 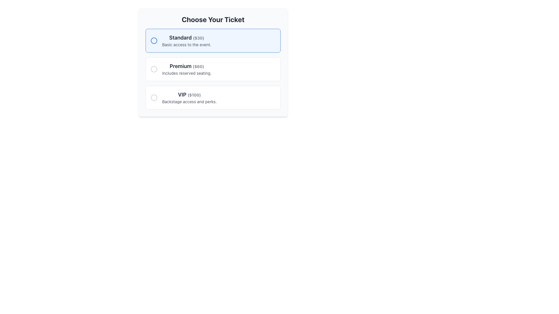 What do you see at coordinates (187, 44) in the screenshot?
I see `the static text label reading 'Basic access to the event.' which is located directly below the 'Standard ($30)' title text` at bounding box center [187, 44].